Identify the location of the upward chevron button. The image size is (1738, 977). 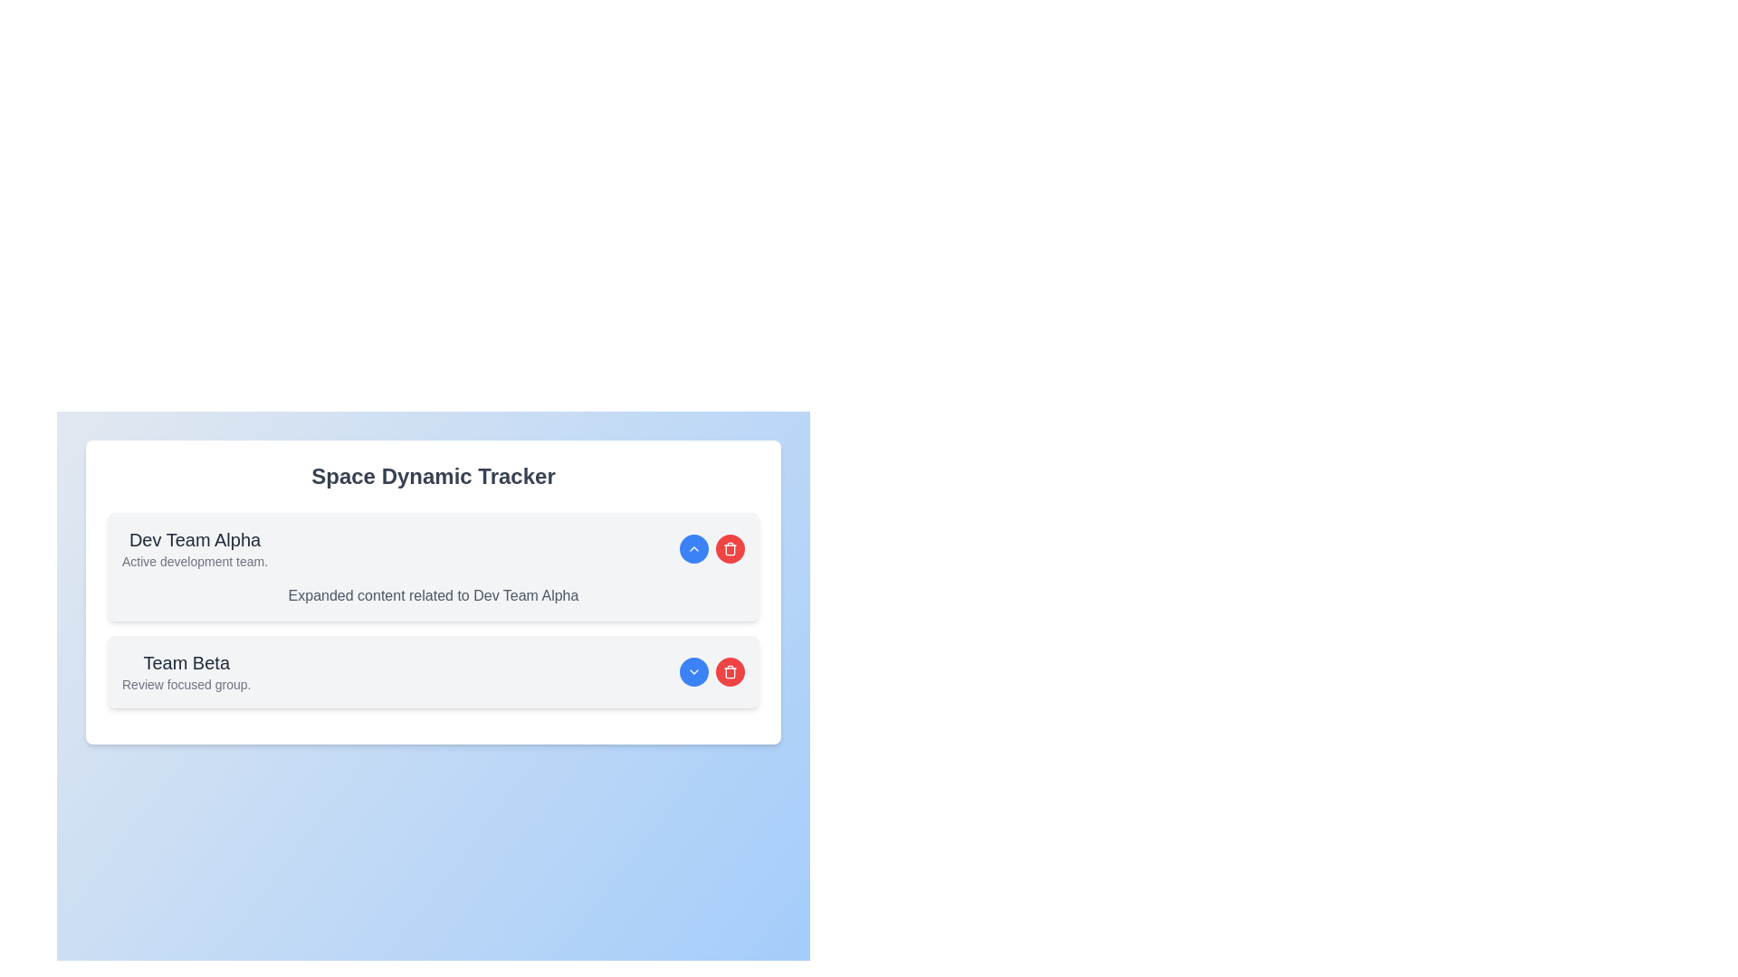
(711, 547).